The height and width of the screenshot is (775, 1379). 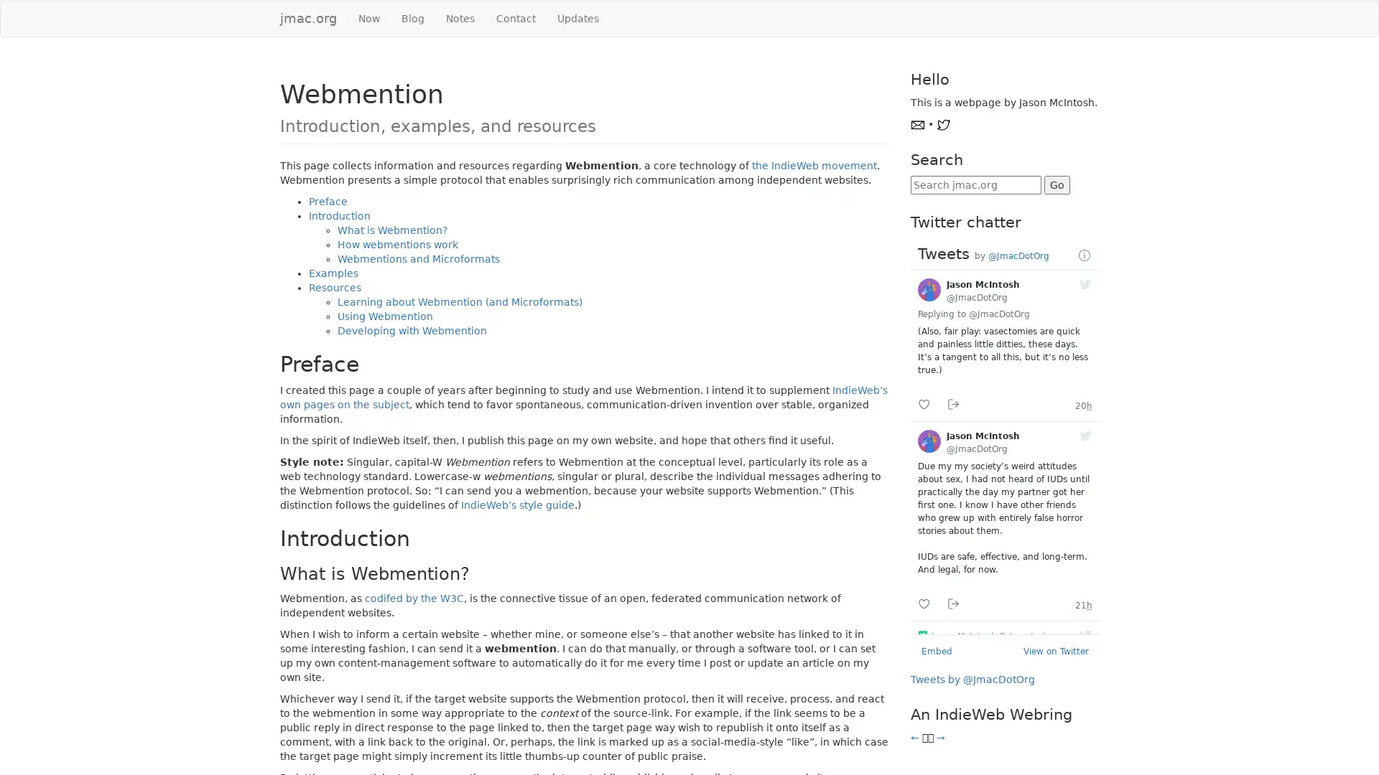 I want to click on Go, so click(x=1056, y=184).